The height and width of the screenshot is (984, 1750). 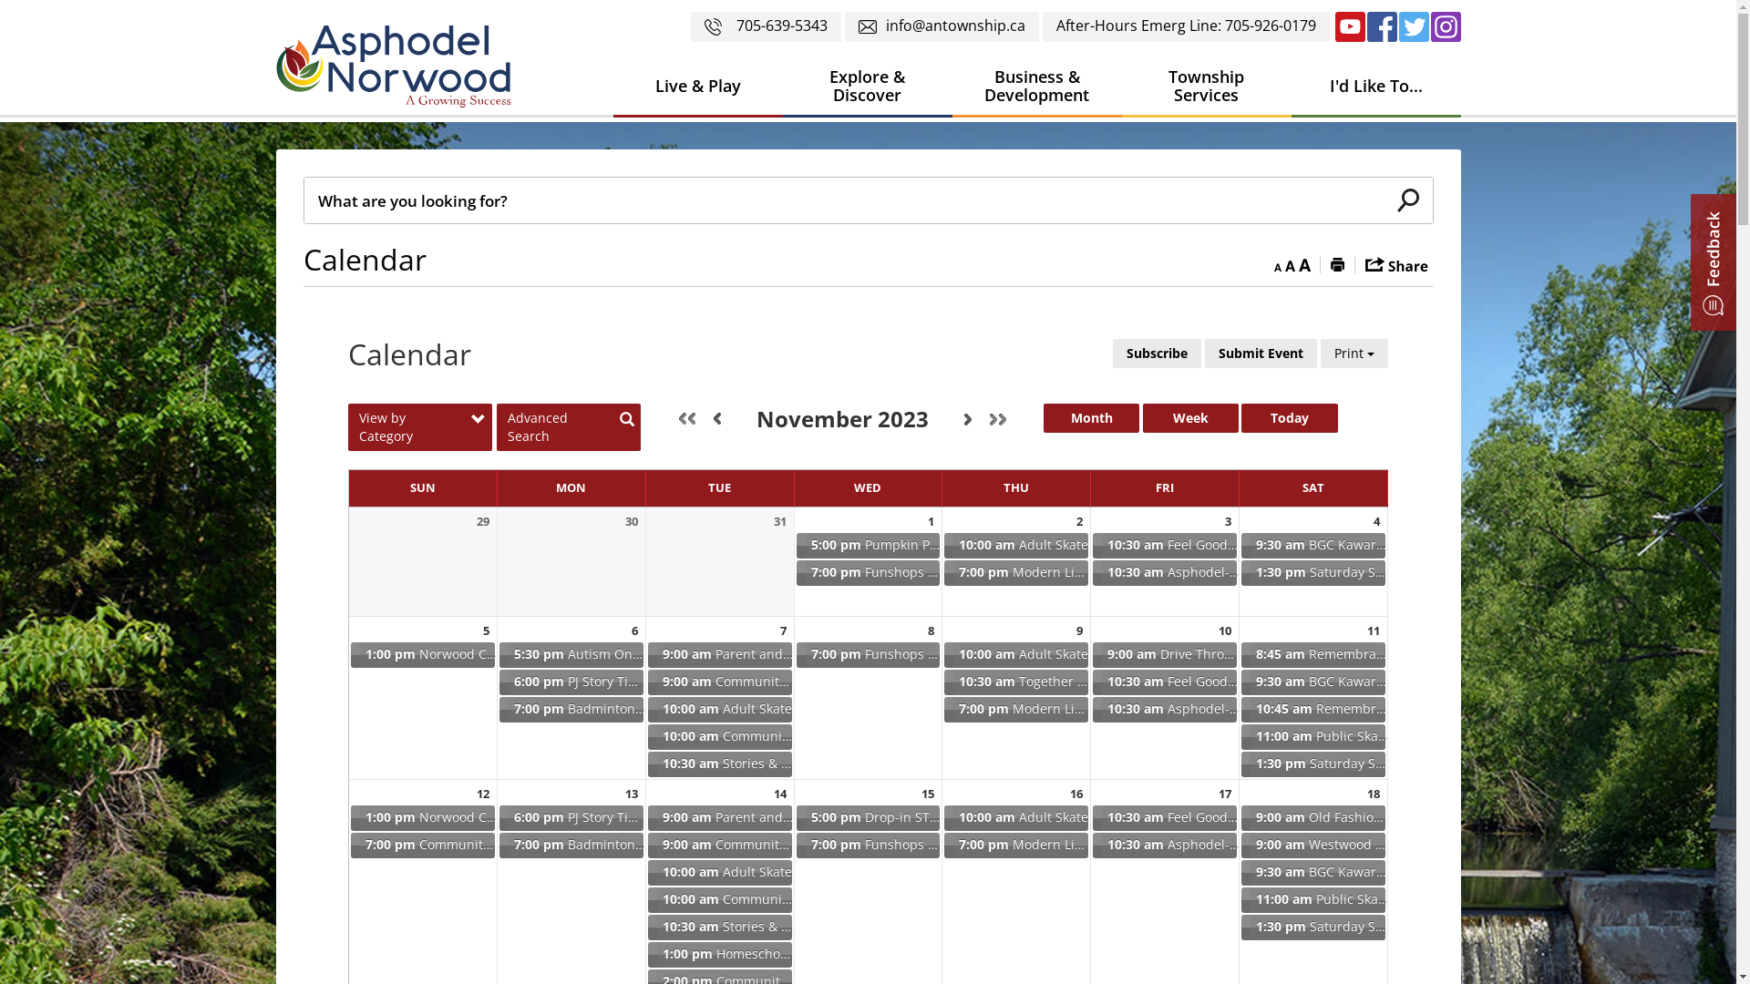 I want to click on '7:00 pm Funshops at NPC', so click(x=868, y=571).